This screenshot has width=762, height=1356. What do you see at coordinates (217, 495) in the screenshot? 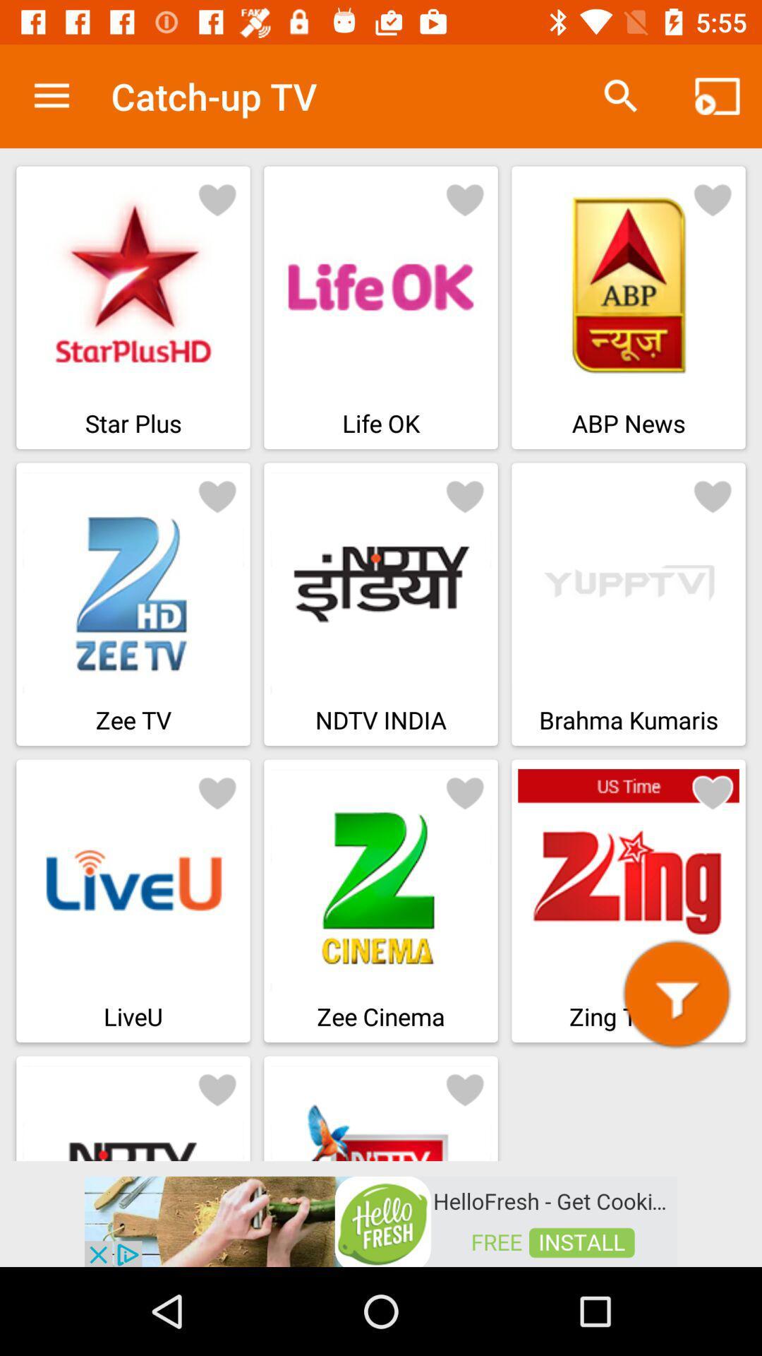
I see `react to the photo` at bounding box center [217, 495].